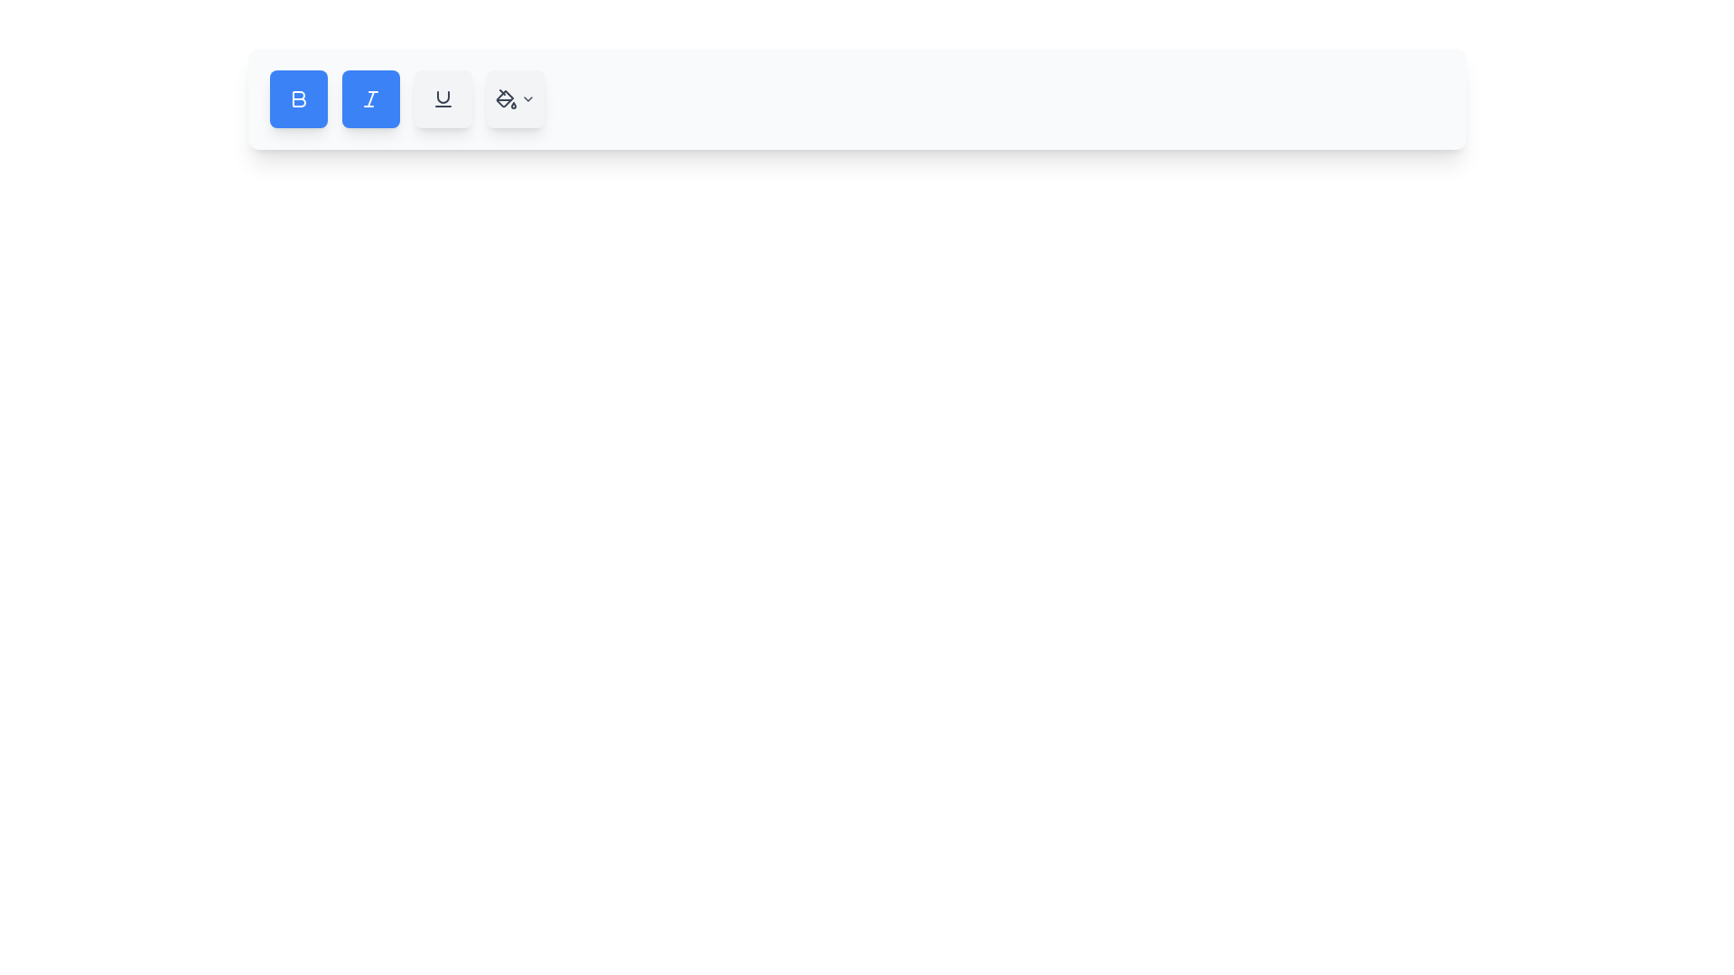 The image size is (1734, 975). I want to click on the italic formatting button, which is a blue circular button located between the bold 'B' button and the underline 'U' button in the formatting toolbar, so click(370, 99).